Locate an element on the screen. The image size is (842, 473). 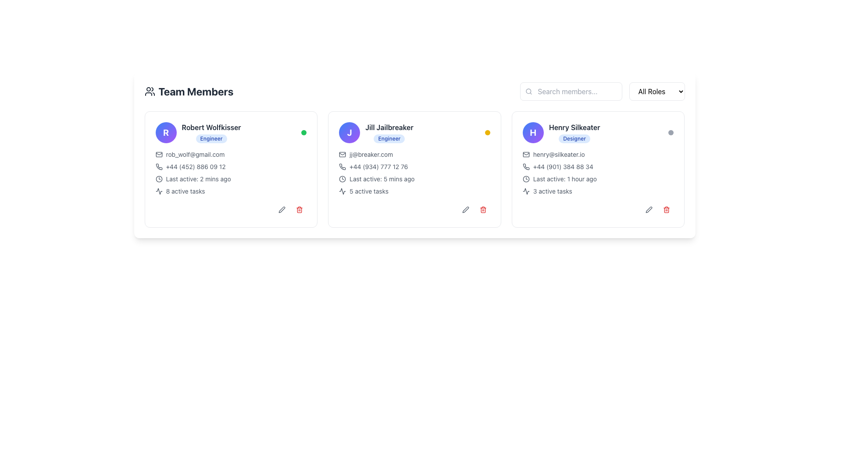
the clickable email link for Henry Silkeater is located at coordinates (558, 154).